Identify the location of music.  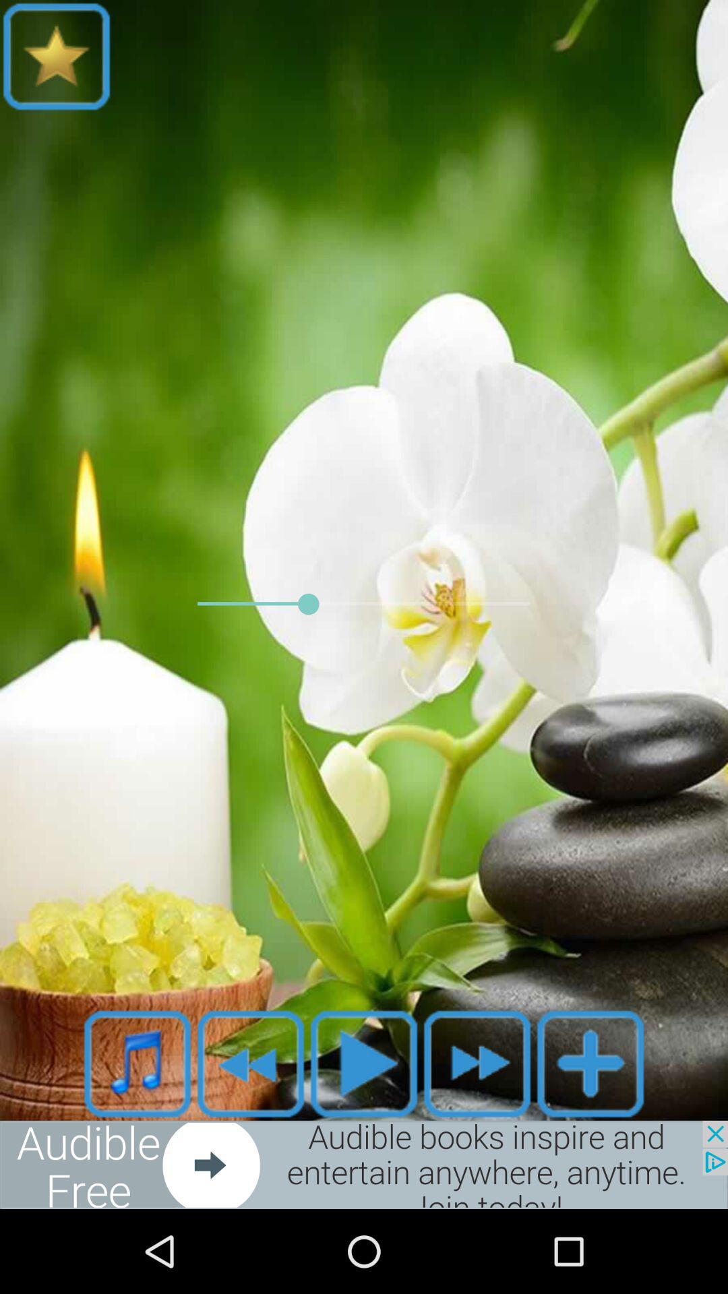
(138, 1063).